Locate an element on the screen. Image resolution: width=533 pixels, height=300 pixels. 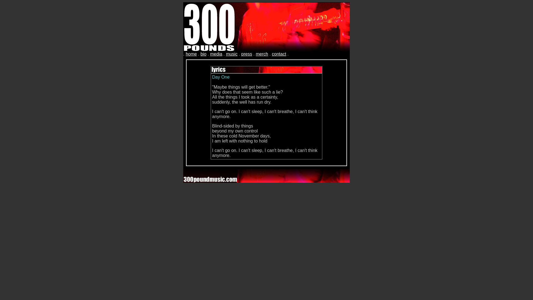
'media' is located at coordinates (210, 54).